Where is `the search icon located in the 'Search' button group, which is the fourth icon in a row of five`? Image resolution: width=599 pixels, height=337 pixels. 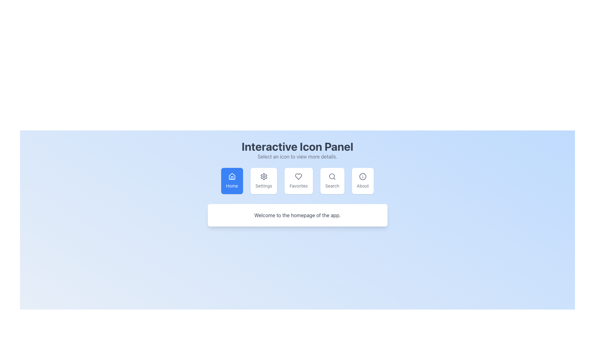 the search icon located in the 'Search' button group, which is the fourth icon in a row of five is located at coordinates (332, 177).